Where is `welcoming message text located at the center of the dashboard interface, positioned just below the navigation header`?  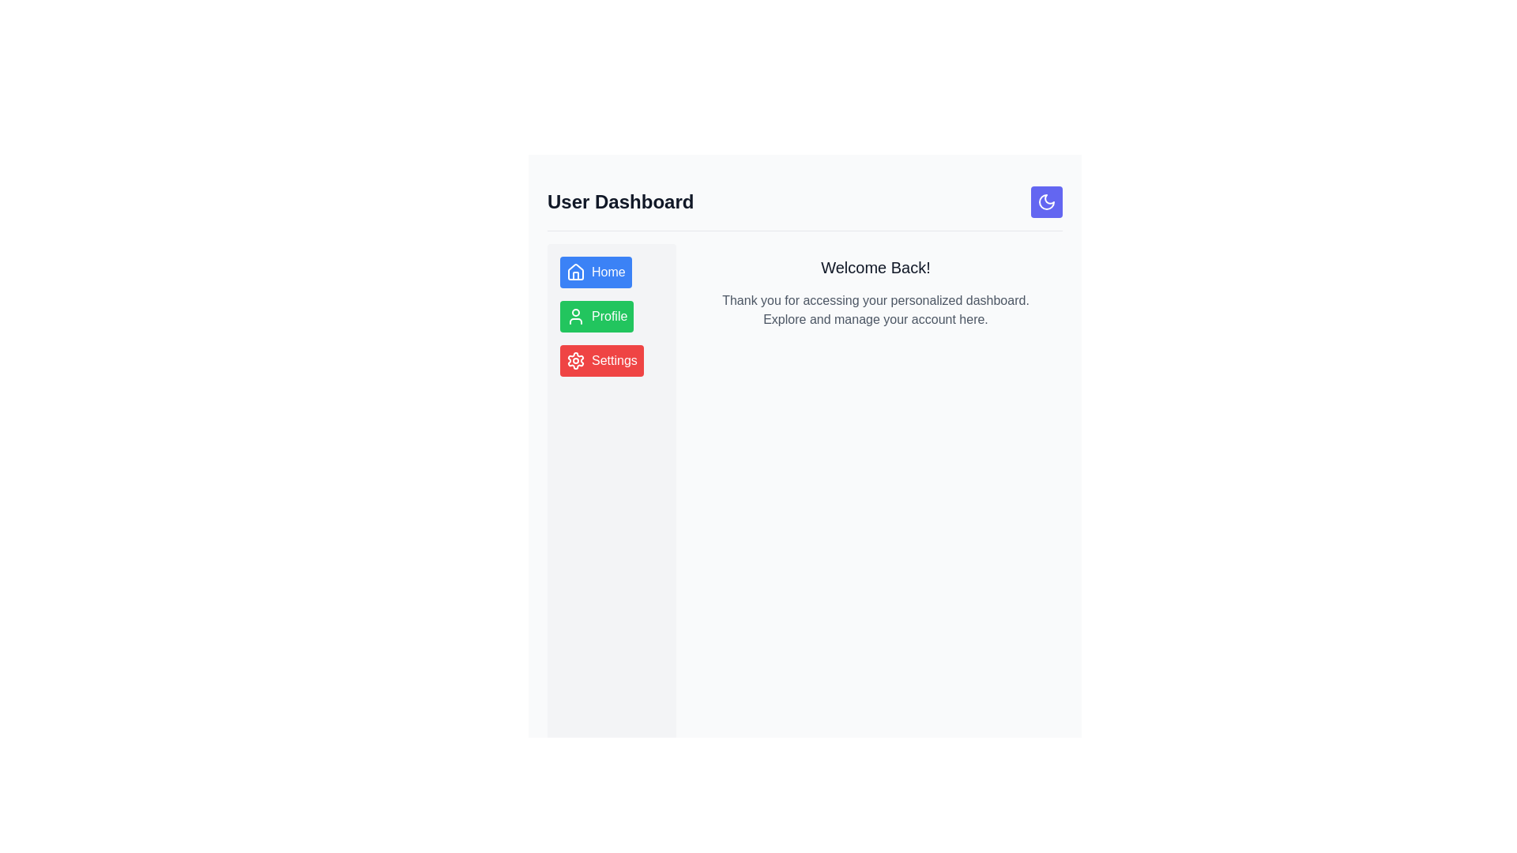 welcoming message text located at the center of the dashboard interface, positioned just below the navigation header is located at coordinates (875, 267).